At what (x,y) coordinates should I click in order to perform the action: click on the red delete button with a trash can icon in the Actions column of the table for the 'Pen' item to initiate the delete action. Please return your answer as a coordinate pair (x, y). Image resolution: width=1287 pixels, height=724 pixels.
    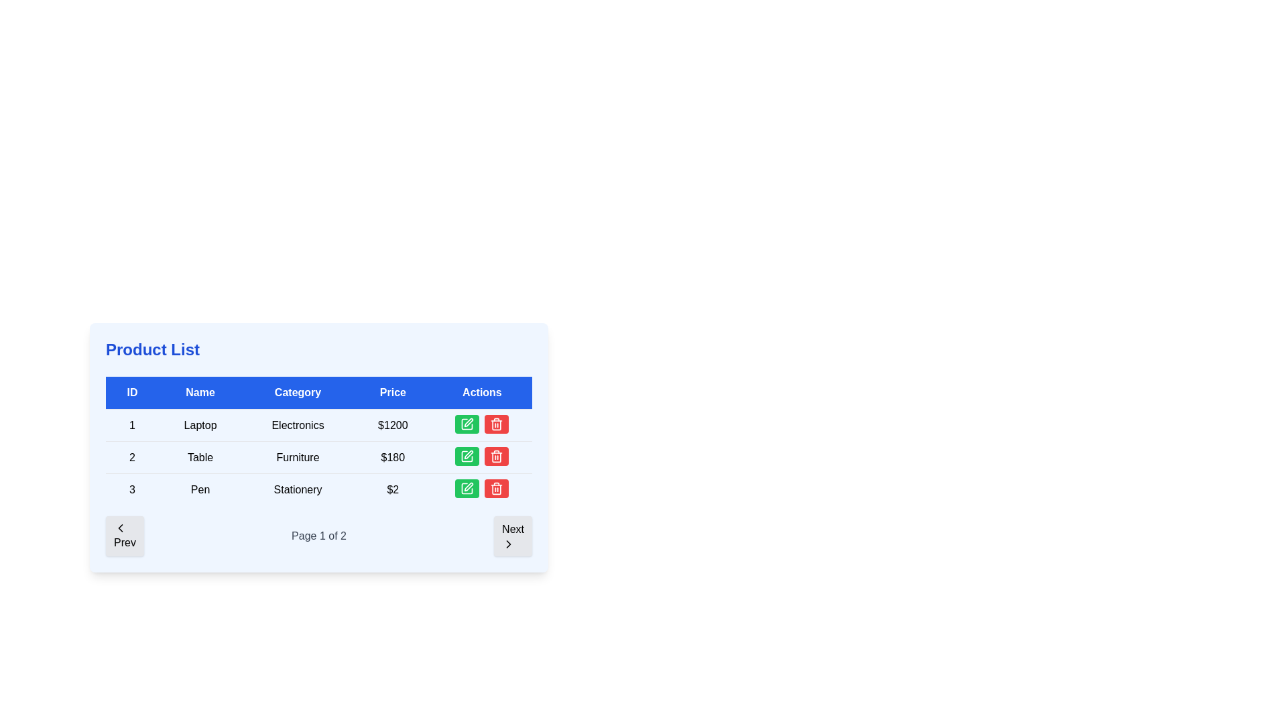
    Looking at the image, I should click on (496, 456).